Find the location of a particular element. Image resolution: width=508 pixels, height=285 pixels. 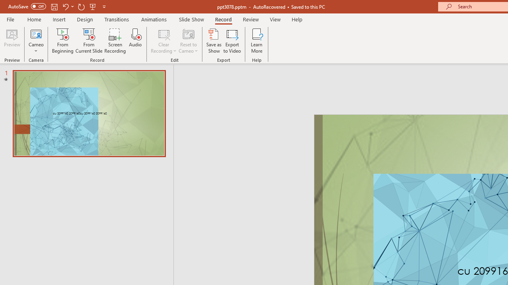

'Clear Recording' is located at coordinates (163, 41).